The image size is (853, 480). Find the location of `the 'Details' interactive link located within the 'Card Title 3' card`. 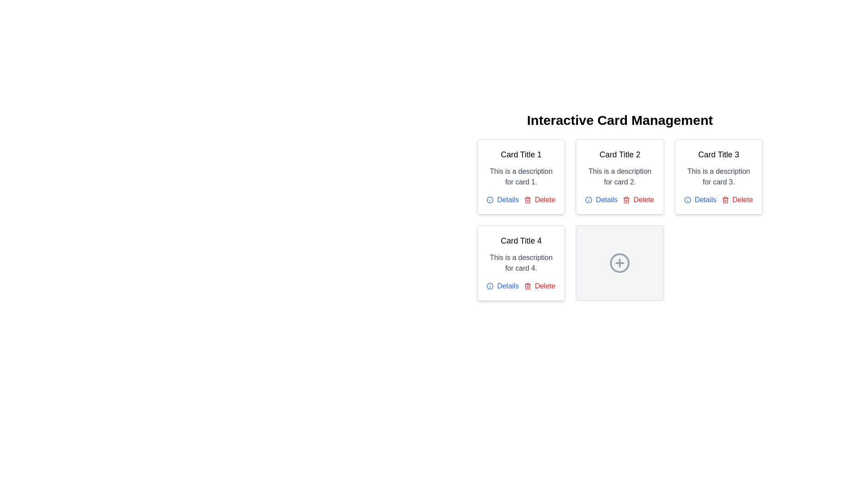

the 'Details' interactive link located within the 'Card Title 3' card is located at coordinates (700, 200).